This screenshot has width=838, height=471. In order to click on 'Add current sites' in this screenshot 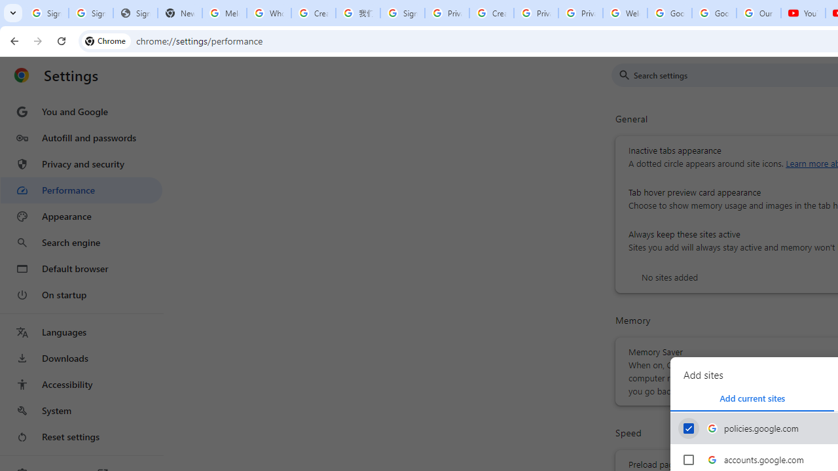, I will do `click(752, 398)`.